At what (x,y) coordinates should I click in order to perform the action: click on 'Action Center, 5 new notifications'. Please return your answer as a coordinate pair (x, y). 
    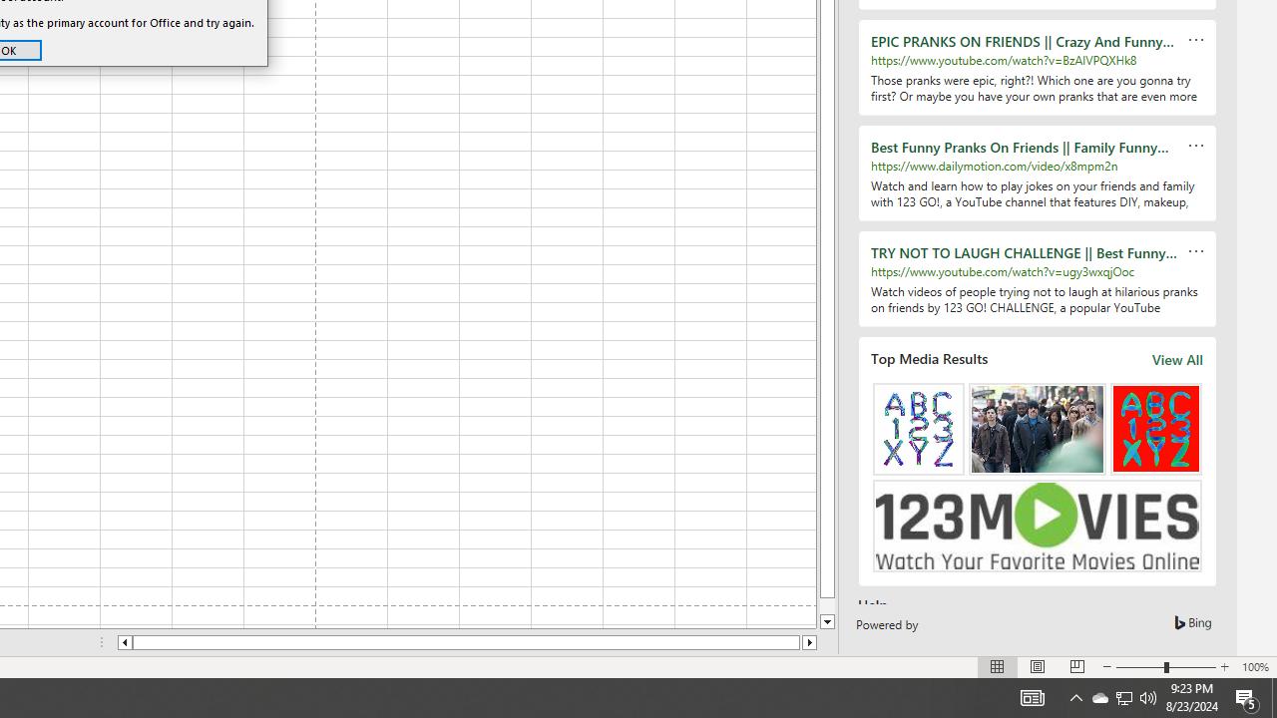
    Looking at the image, I should click on (1247, 696).